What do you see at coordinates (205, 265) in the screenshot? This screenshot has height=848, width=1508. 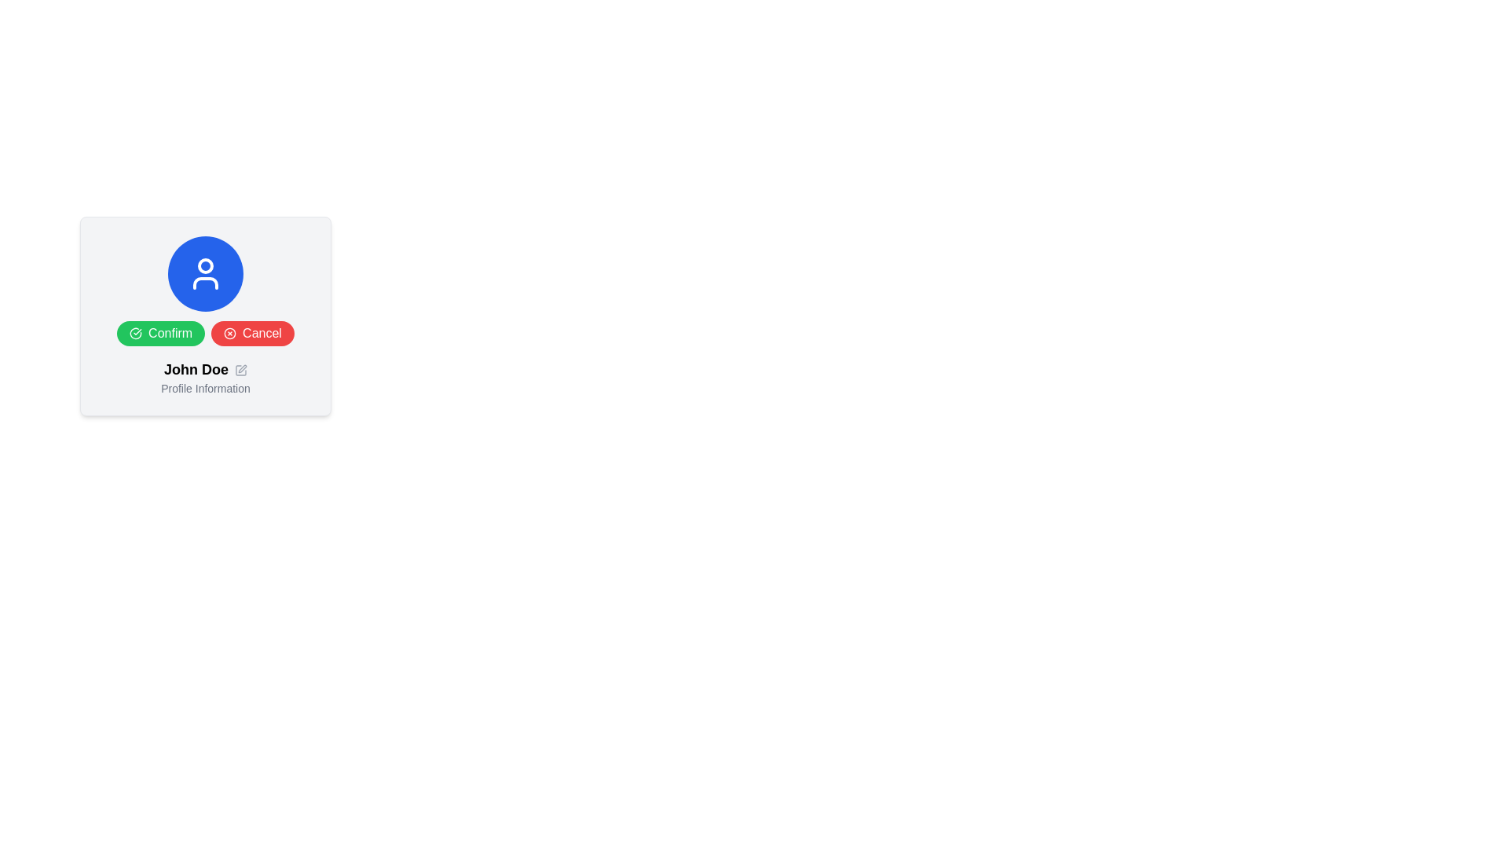 I see `the circular graphical detail that represents the head in the user avatar icon, which is centered above the base of the avatar and surrounded by a blue circular background` at bounding box center [205, 265].